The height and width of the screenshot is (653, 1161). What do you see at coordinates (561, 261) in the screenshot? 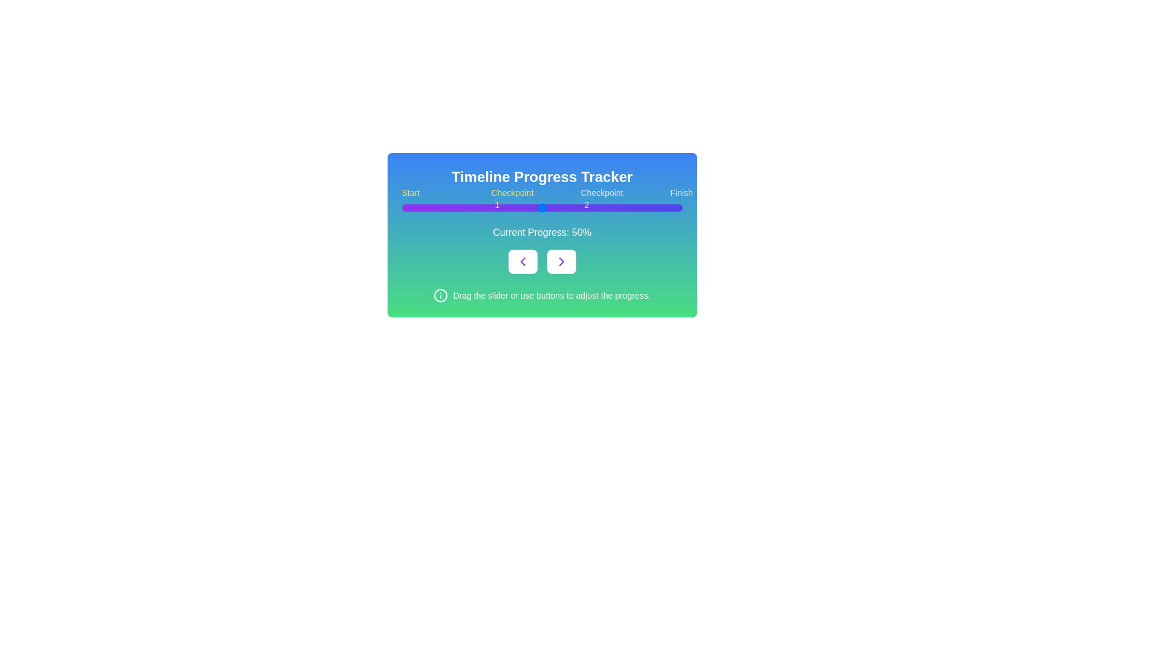
I see `the right-facing chevron arrow icon within the button located at the center of the rightmost button underneath the progress bar` at bounding box center [561, 261].